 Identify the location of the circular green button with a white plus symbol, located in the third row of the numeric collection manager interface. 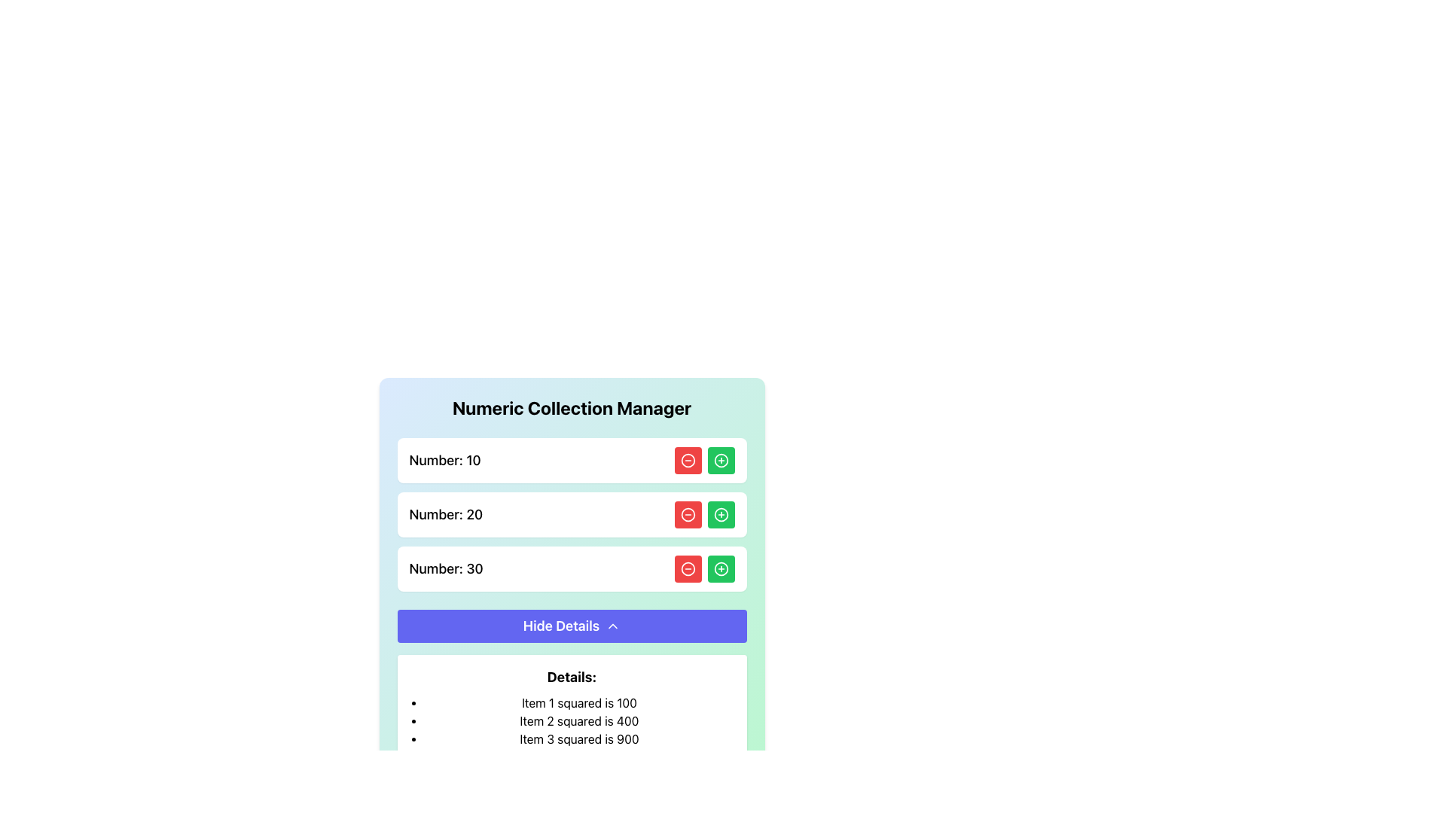
(720, 569).